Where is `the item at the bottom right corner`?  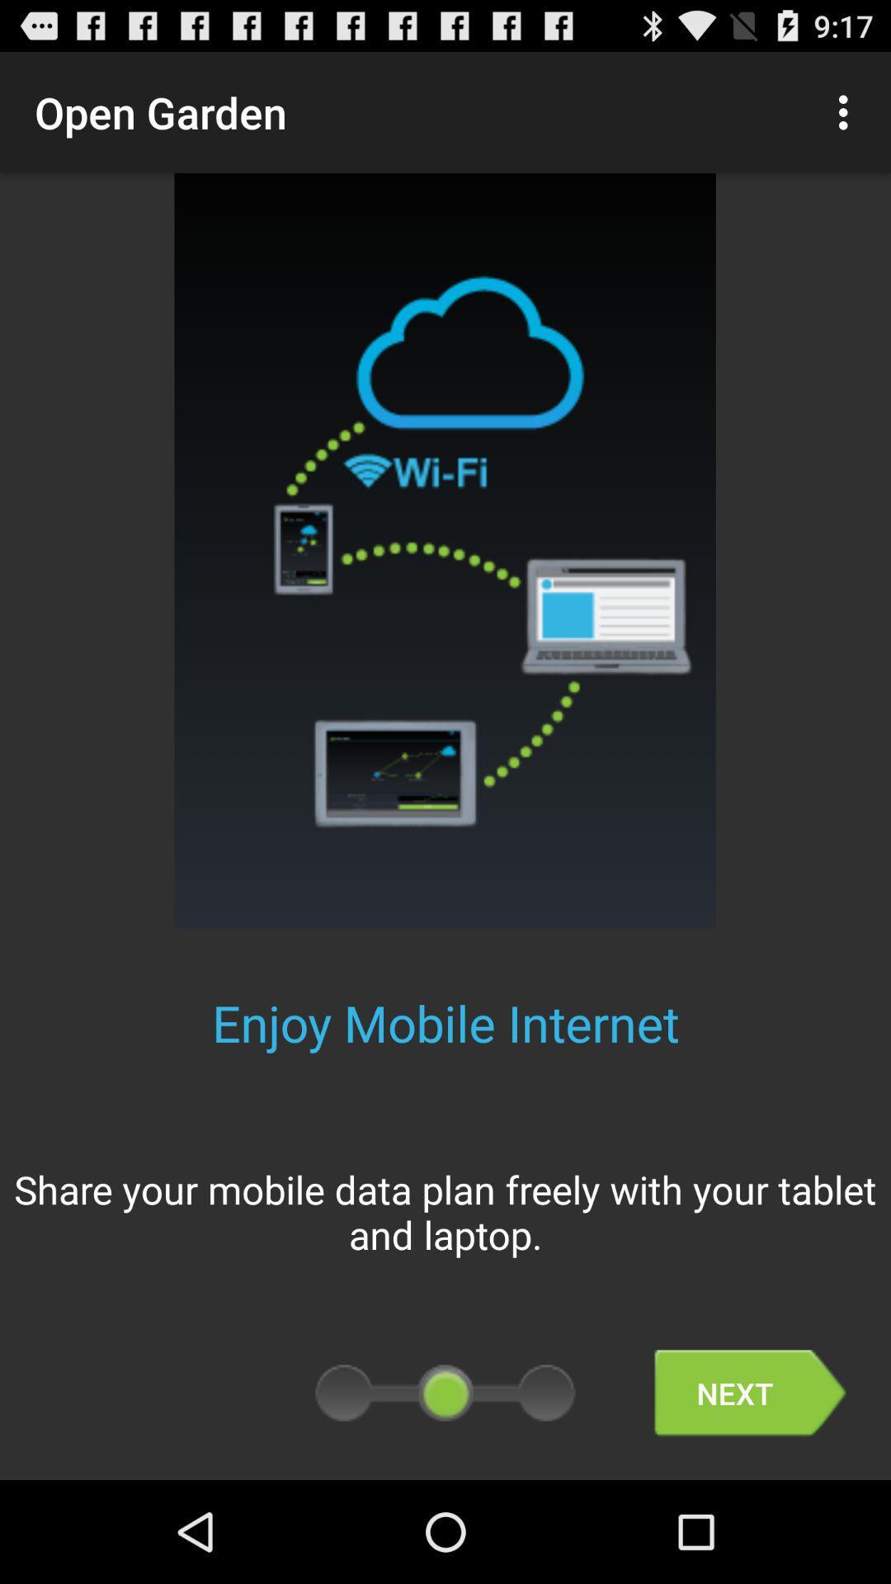 the item at the bottom right corner is located at coordinates (750, 1393).